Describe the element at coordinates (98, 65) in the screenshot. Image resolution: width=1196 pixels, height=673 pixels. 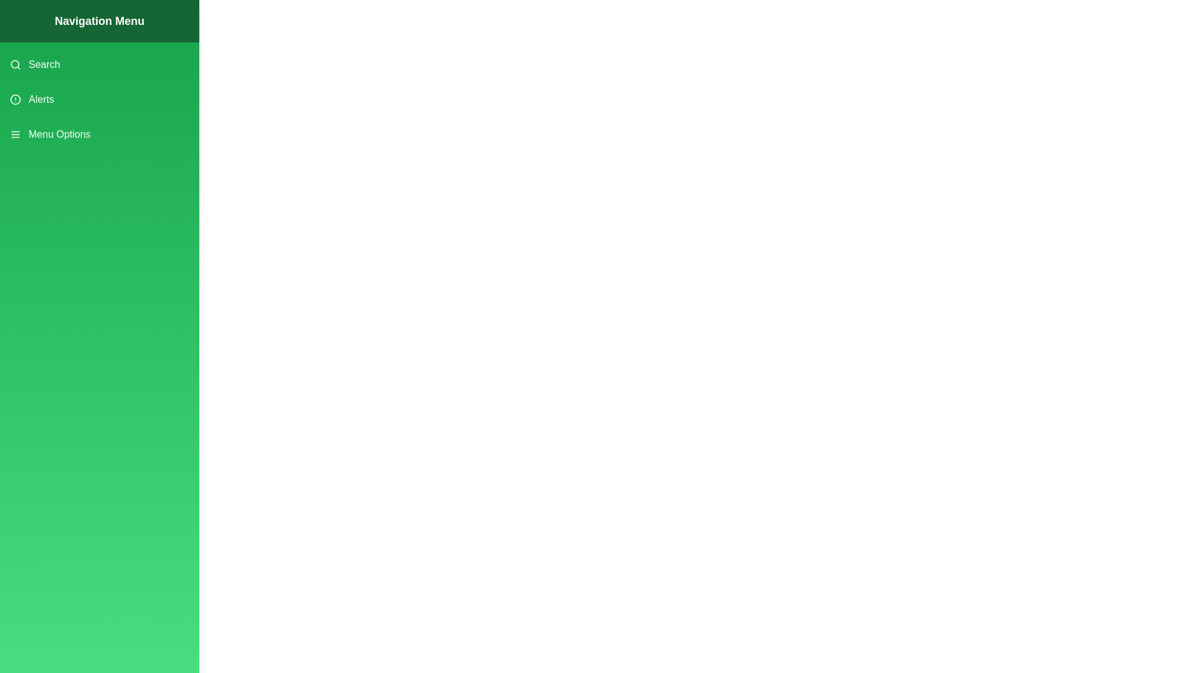
I see `the menu item Search from the drawer` at that location.